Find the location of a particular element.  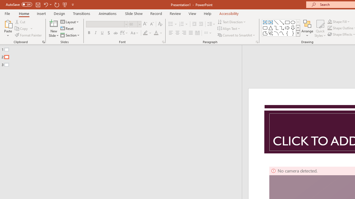

'Underline' is located at coordinates (102, 33).